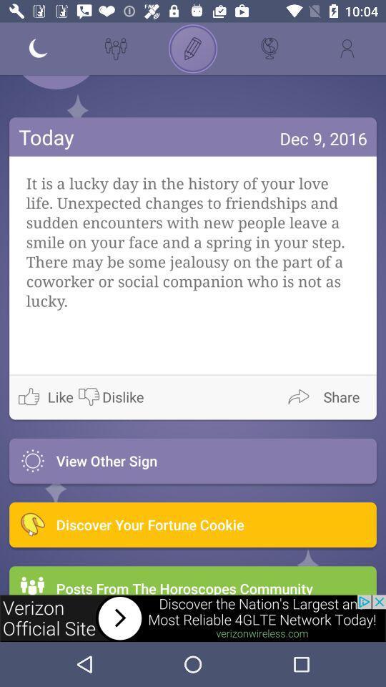 Image resolution: width=386 pixels, height=687 pixels. Describe the element at coordinates (193, 618) in the screenshot. I see `verizon advertisement` at that location.